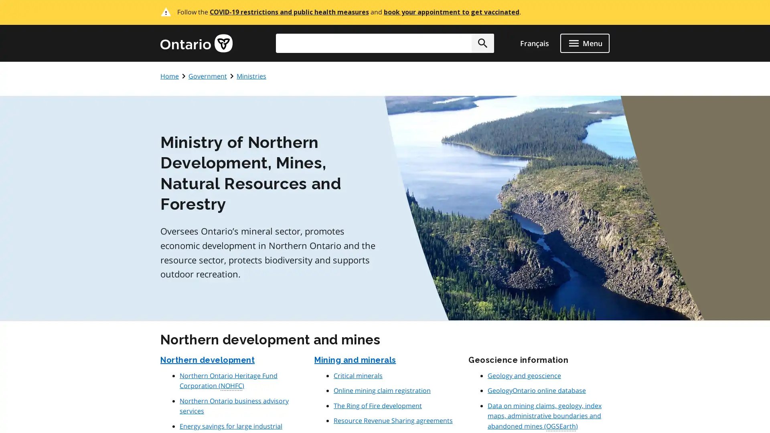  I want to click on Search, so click(482, 43).